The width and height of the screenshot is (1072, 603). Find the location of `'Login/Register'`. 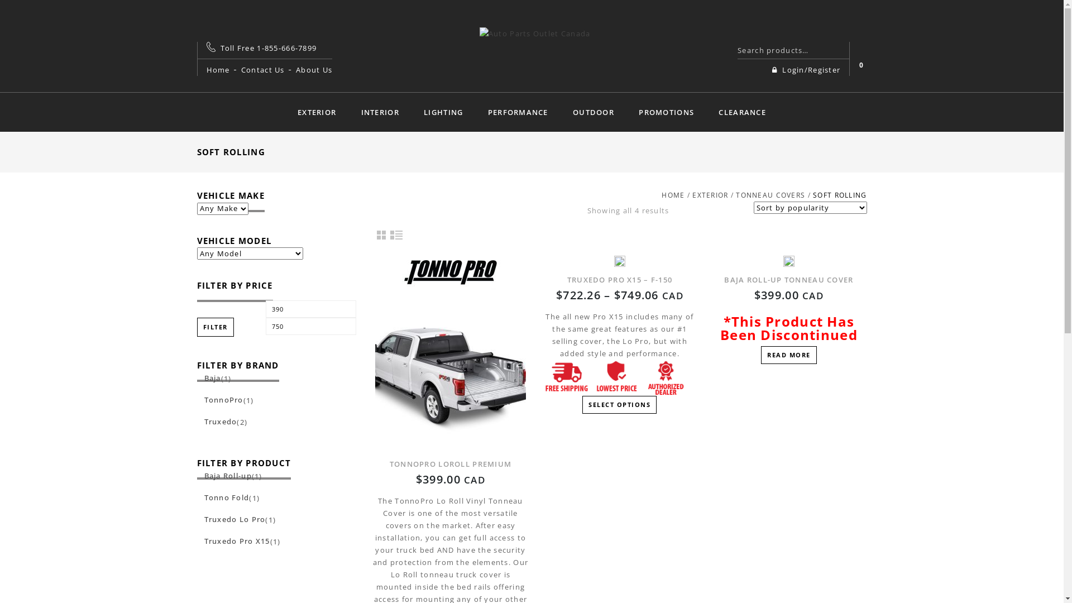

'Login/Register' is located at coordinates (771, 69).